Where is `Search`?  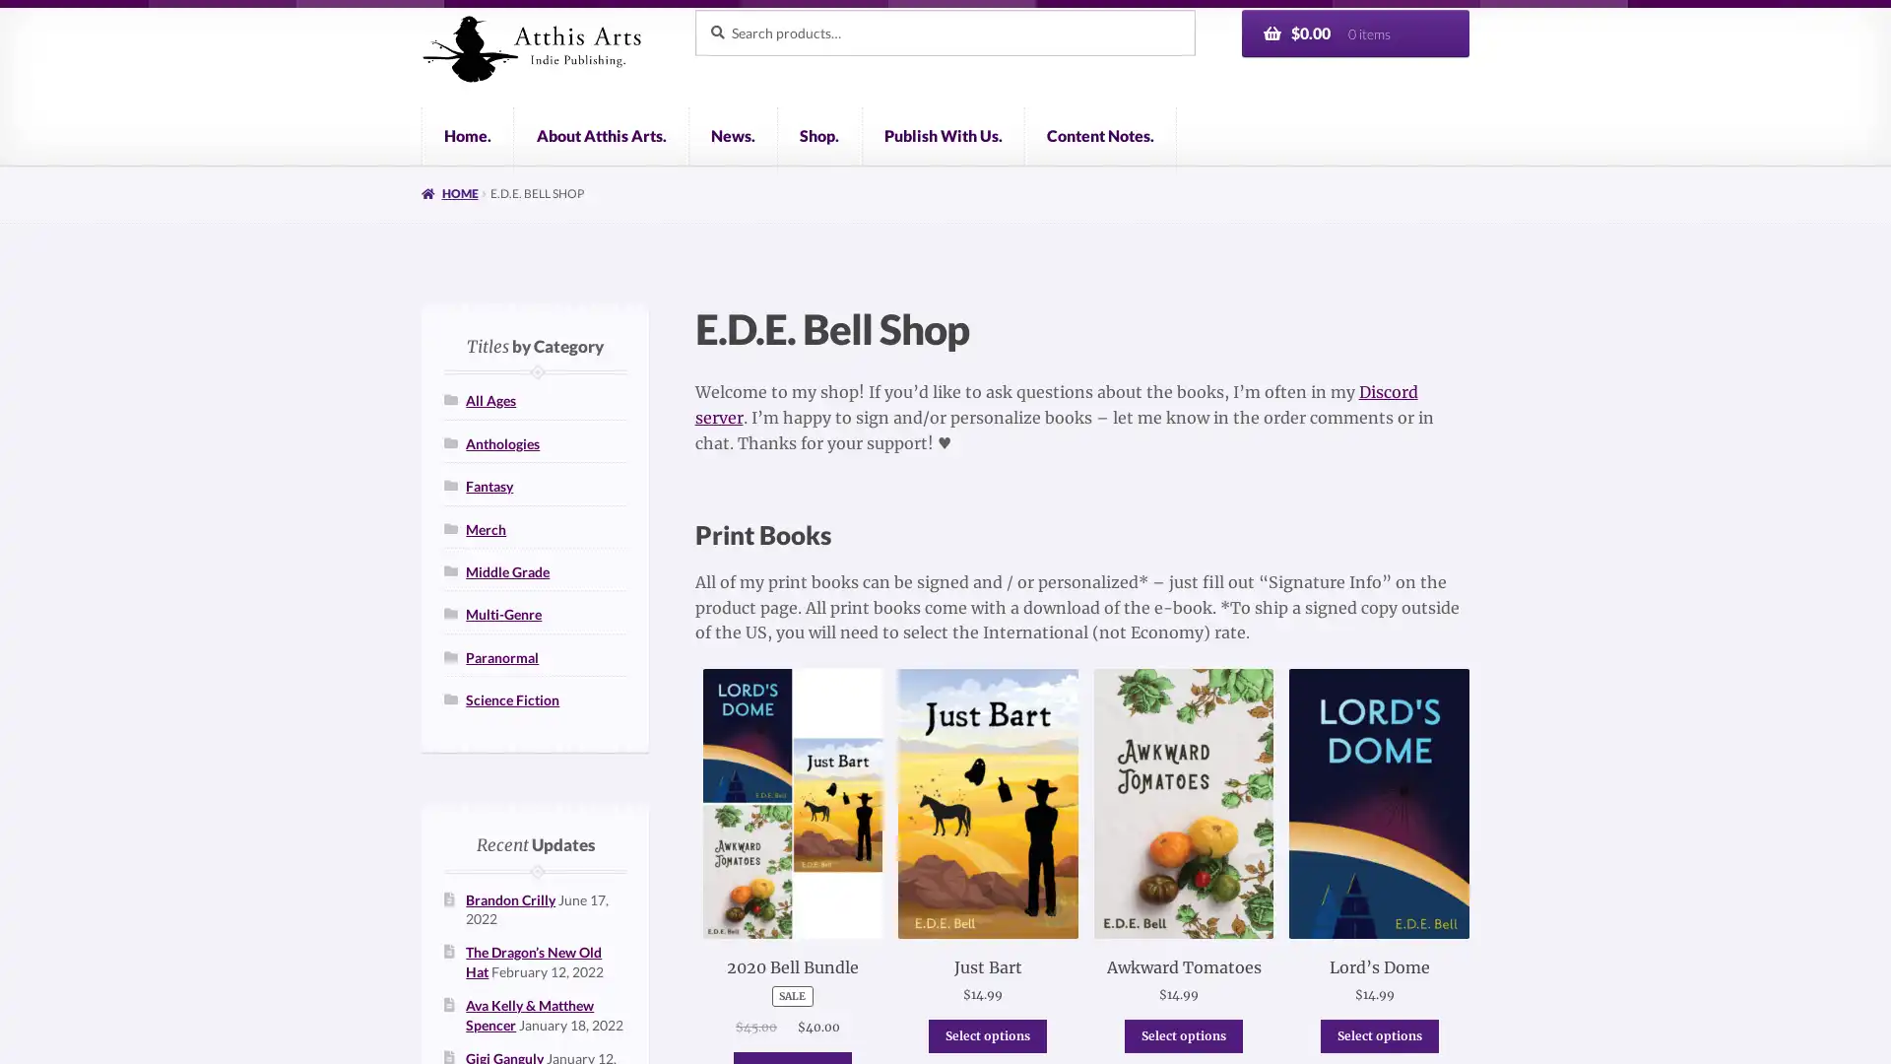 Search is located at coordinates (693, 8).